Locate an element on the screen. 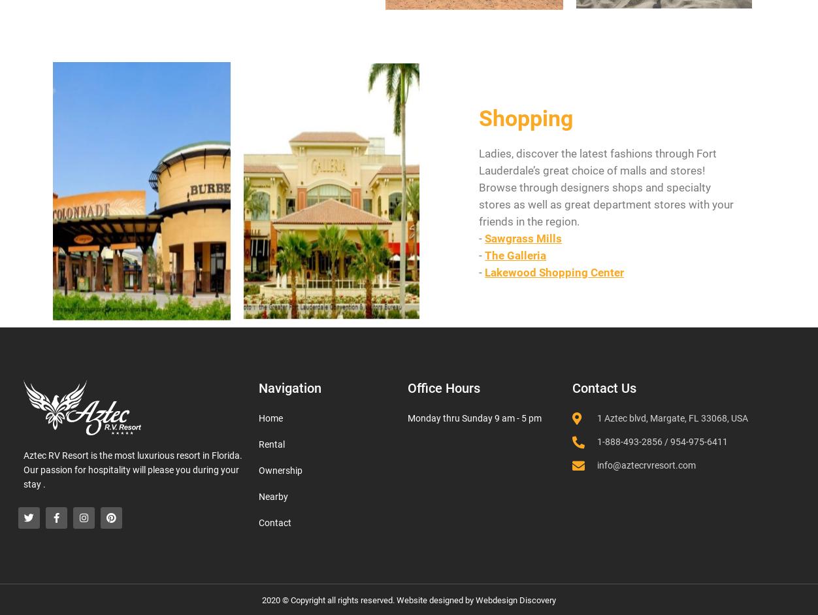  'Lakewood Shopping Center' is located at coordinates (554, 271).